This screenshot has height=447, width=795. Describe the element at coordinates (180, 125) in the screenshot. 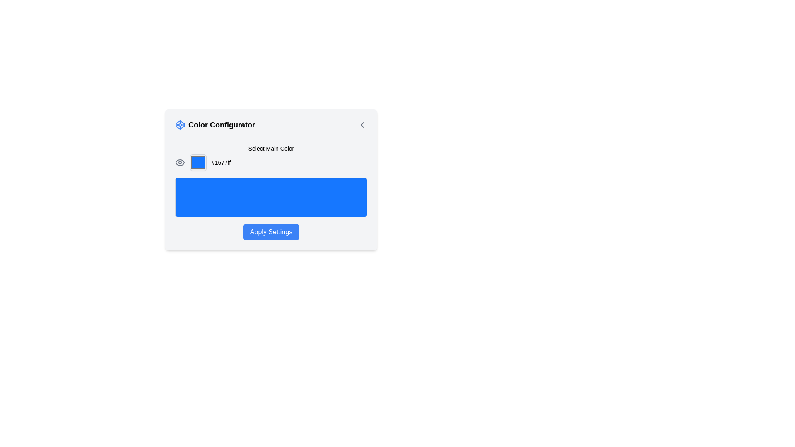

I see `the icon located in the header section titled 'Color Configurator', which is the first icon to the left of the toolbar area` at that location.